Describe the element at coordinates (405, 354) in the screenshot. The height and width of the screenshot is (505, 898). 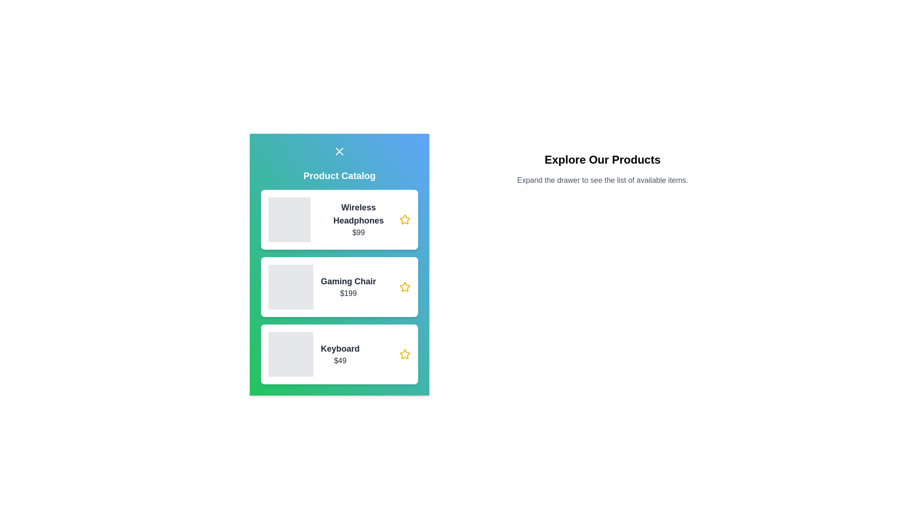
I see `the star icon next to the product named Keyboard to mark it as favorite` at that location.